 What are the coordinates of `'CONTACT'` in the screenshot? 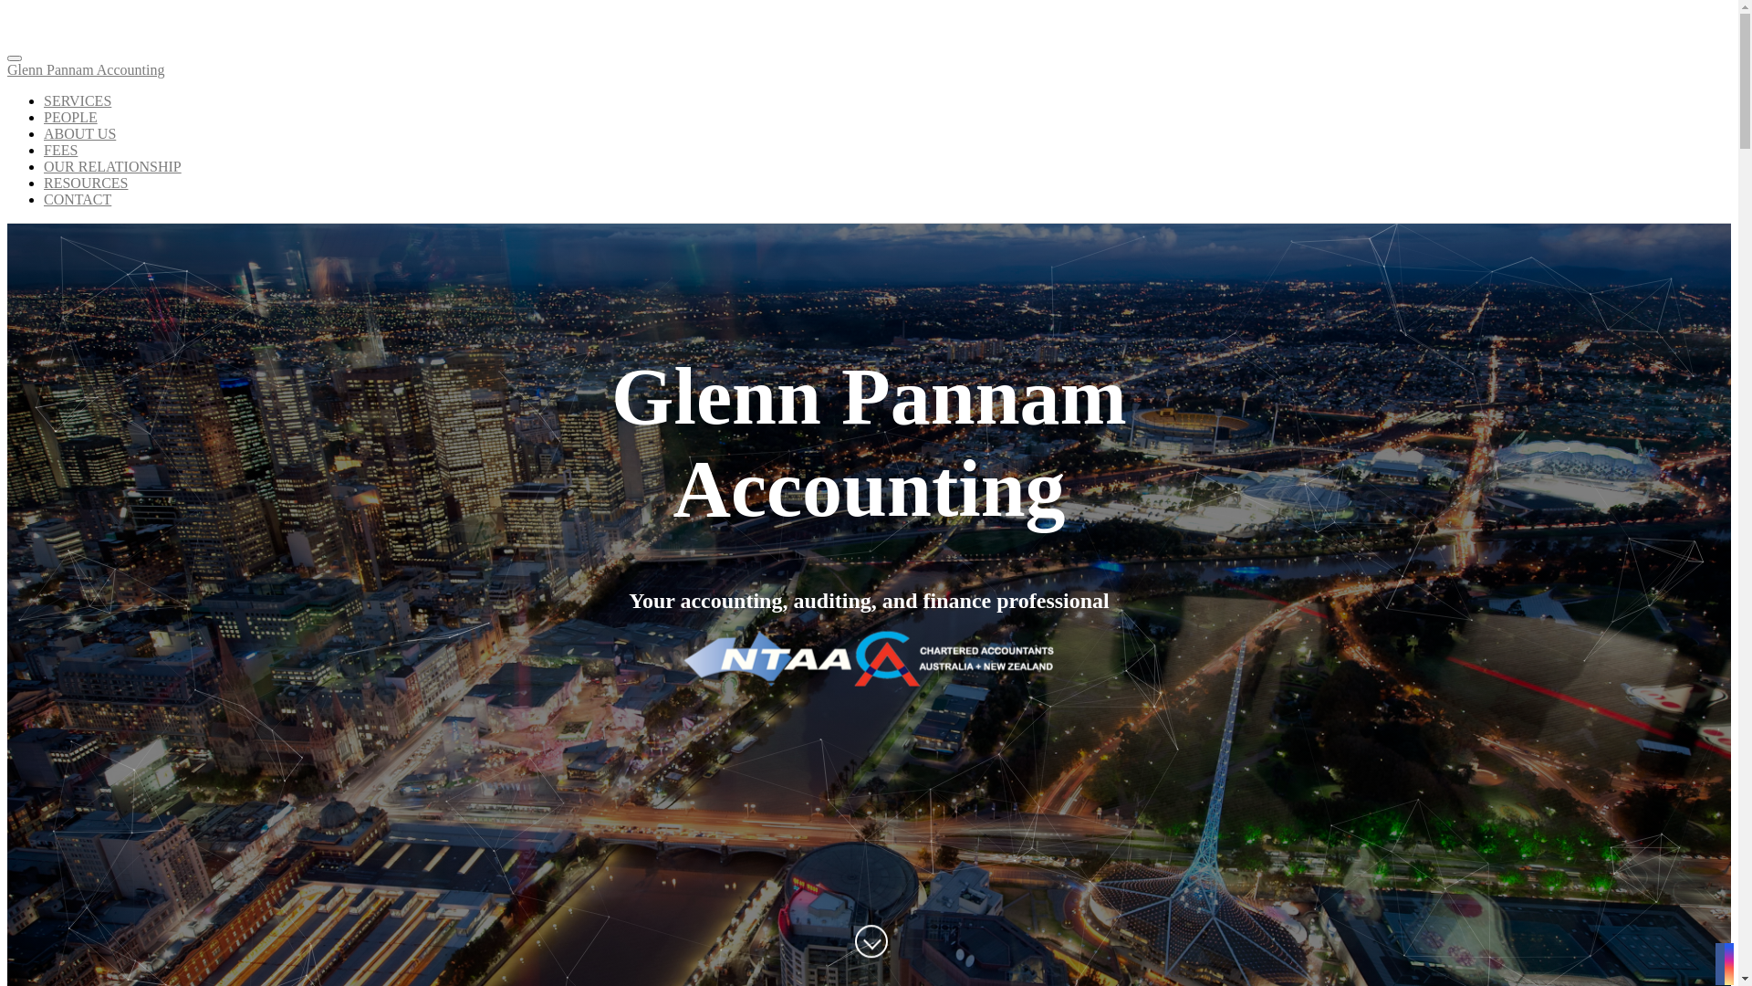 It's located at (77, 199).